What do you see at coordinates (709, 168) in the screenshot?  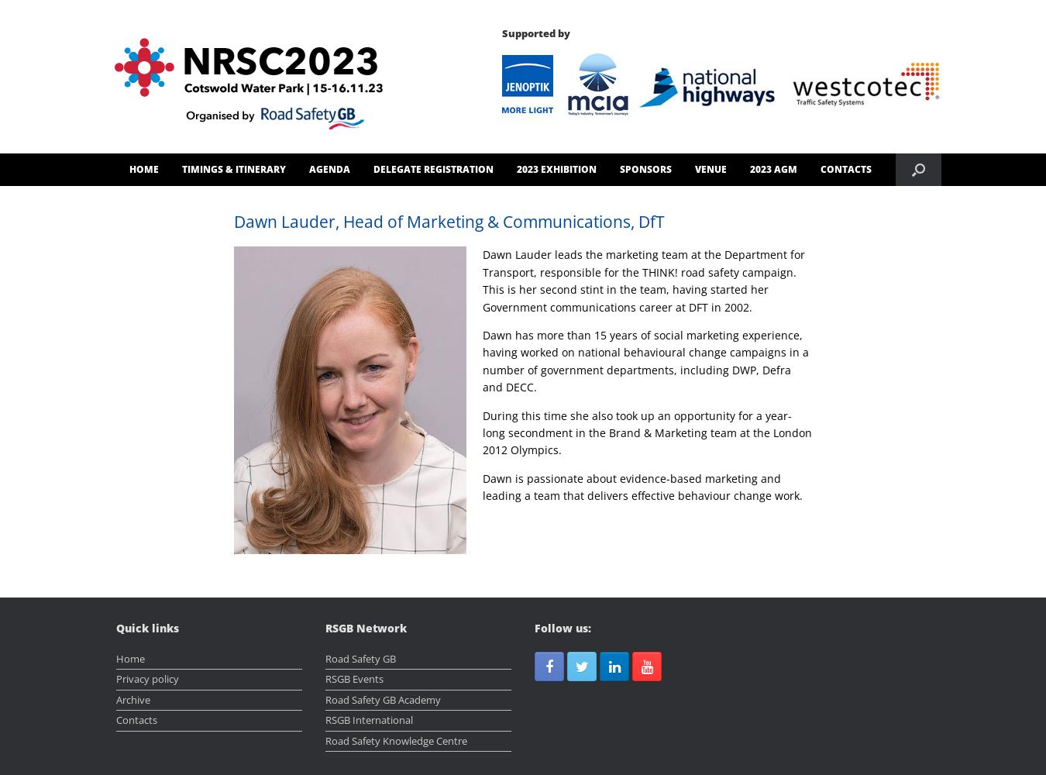 I see `'VENUE'` at bounding box center [709, 168].